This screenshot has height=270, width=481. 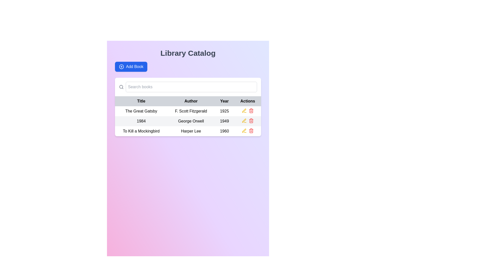 I want to click on the yellow pencil icon in the 'Actions' column of the second row associated with the title '1984', so click(x=244, y=130).